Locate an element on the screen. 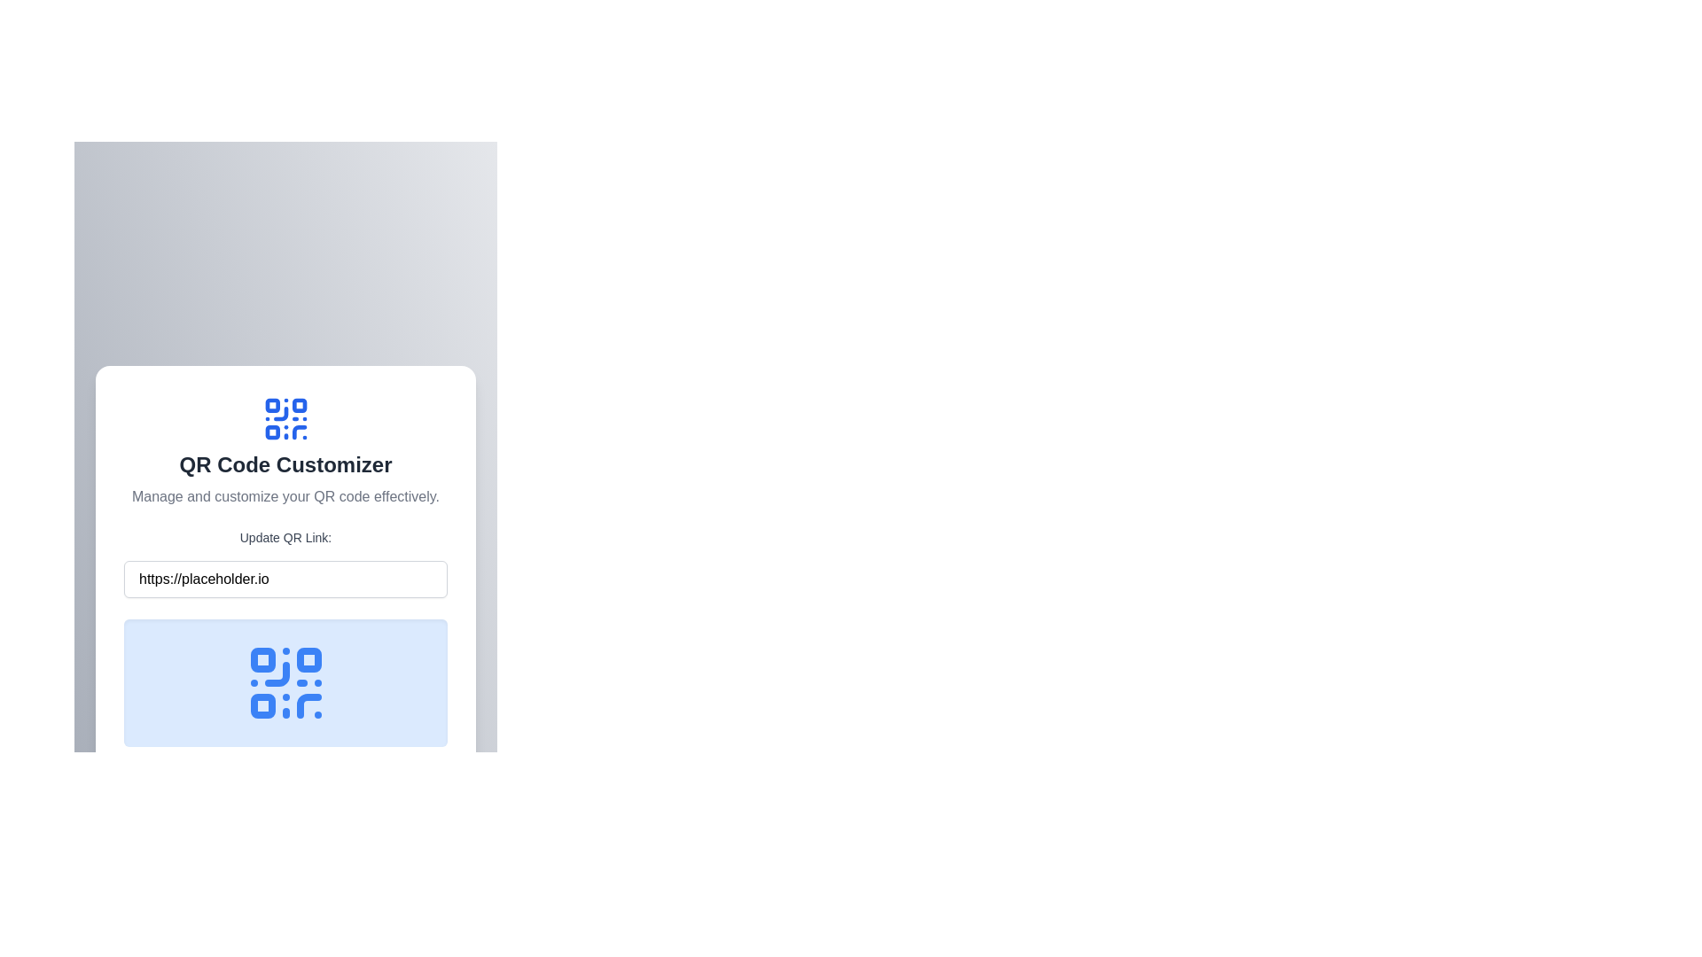  the second square in the top row of the QR code illustration, which is part of the QR code graphical representation is located at coordinates (299, 405).